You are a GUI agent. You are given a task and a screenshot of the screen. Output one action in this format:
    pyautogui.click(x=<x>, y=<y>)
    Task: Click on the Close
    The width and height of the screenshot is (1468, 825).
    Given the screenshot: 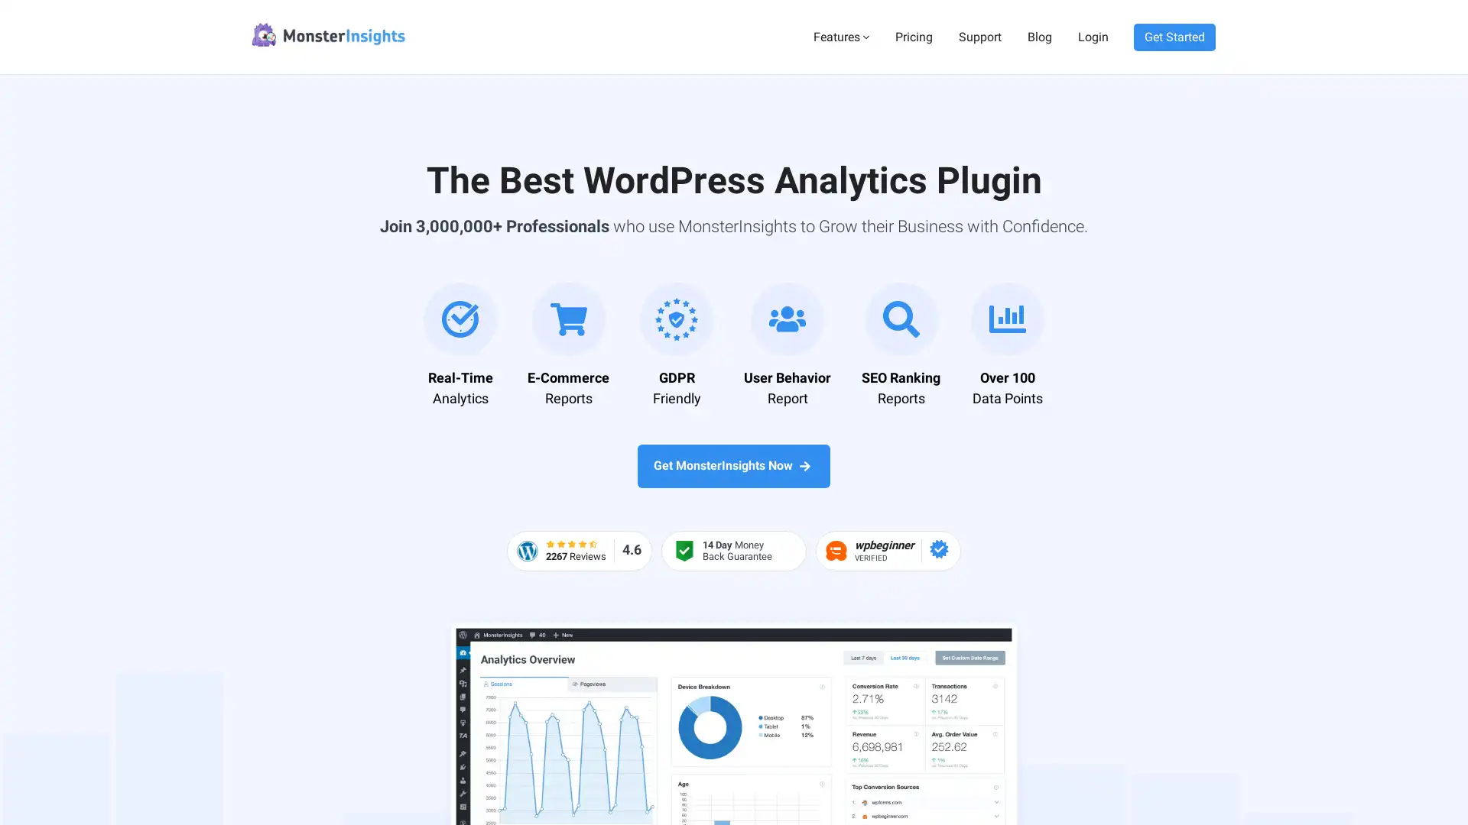 What is the action you would take?
    pyautogui.click(x=1431, y=476)
    